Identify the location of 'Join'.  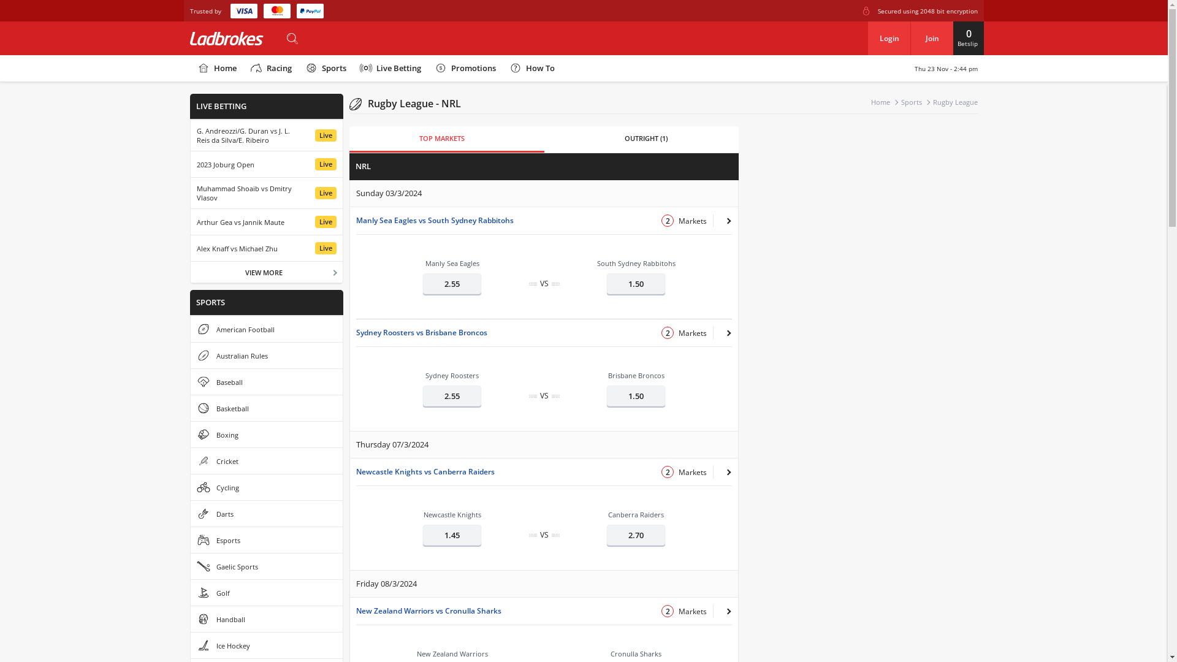
(932, 37).